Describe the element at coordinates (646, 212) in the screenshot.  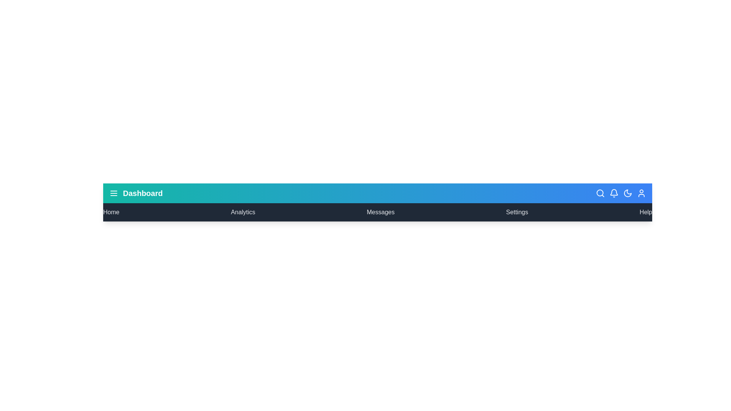
I see `the menu item Help to navigate to the respective section` at that location.